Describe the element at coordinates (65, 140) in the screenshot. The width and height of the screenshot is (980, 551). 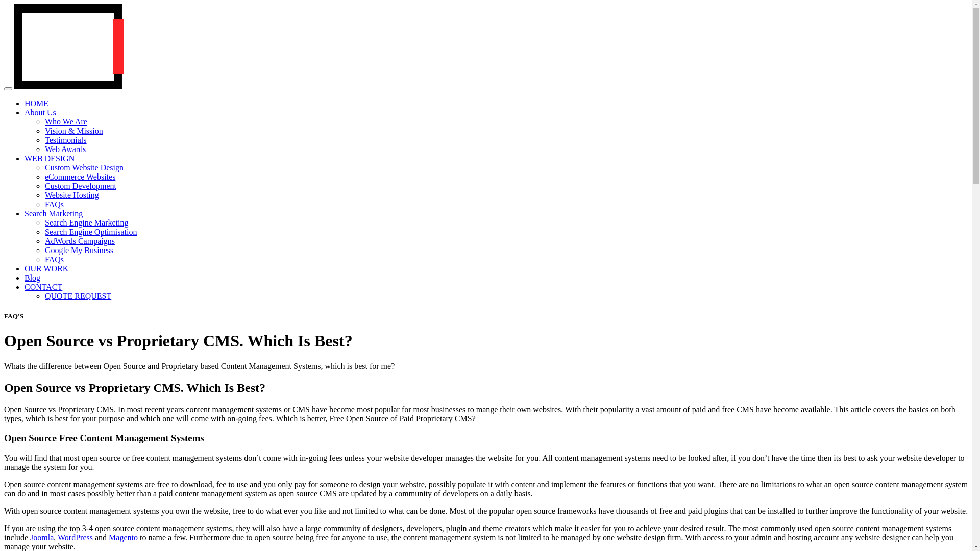
I see `'Testimonials'` at that location.